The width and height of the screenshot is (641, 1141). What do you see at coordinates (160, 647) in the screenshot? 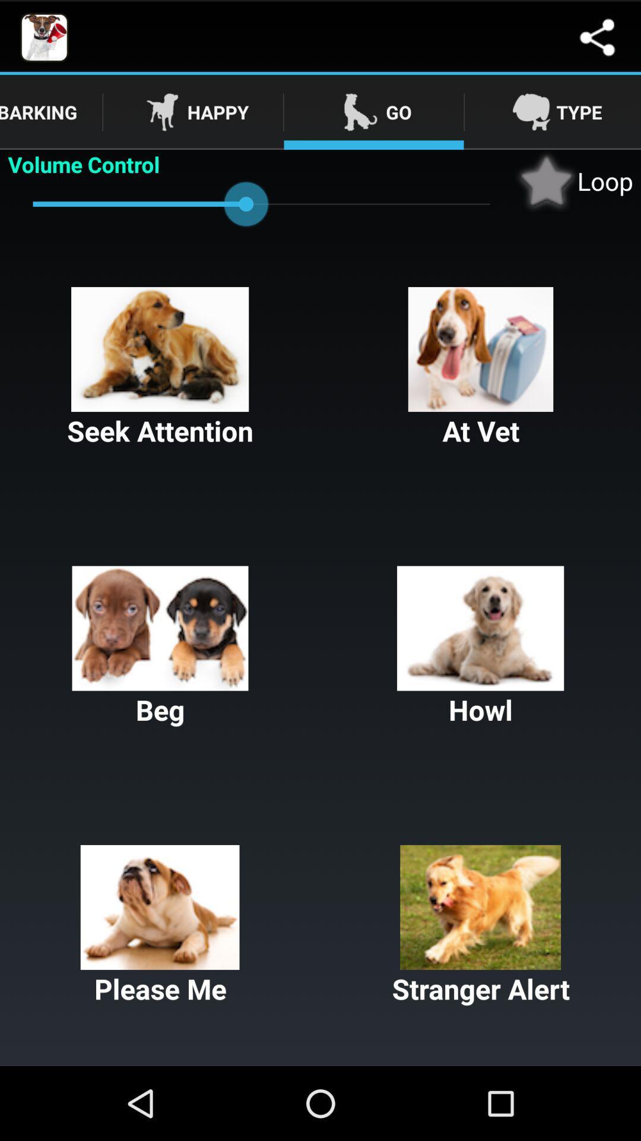
I see `the beg item` at bounding box center [160, 647].